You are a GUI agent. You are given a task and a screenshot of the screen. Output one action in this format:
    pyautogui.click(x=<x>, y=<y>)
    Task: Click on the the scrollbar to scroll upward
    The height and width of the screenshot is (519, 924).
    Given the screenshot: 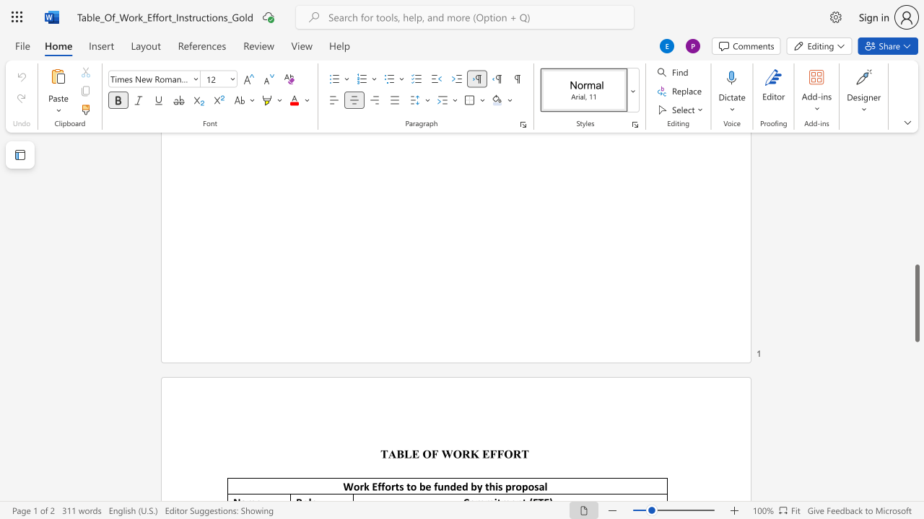 What is the action you would take?
    pyautogui.click(x=916, y=179)
    